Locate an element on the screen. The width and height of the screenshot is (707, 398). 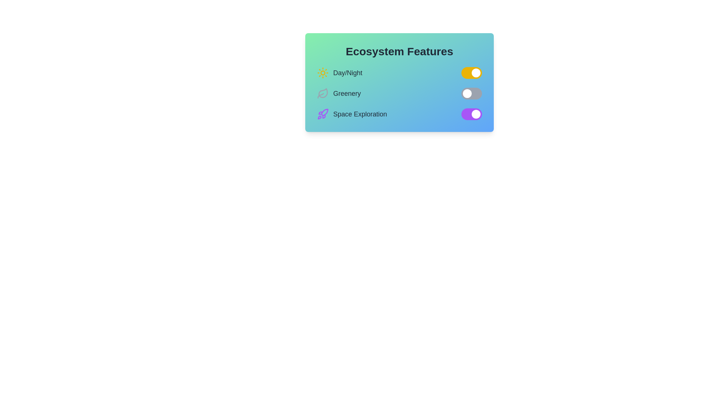
the visual representation of the stylized sun icon located to the left of the 'Day/Night' text under the 'Ecosystem Features' section is located at coordinates (323, 73).